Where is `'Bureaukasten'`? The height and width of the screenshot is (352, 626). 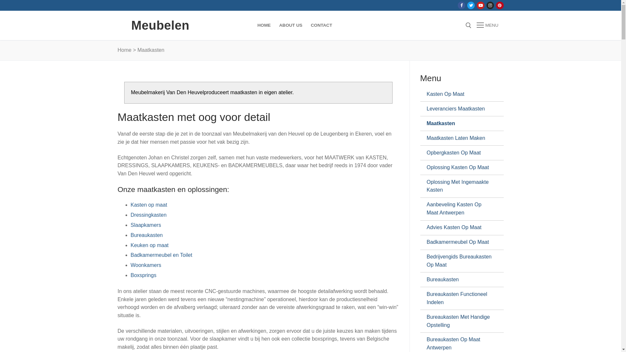 'Bureaukasten' is located at coordinates (426, 279).